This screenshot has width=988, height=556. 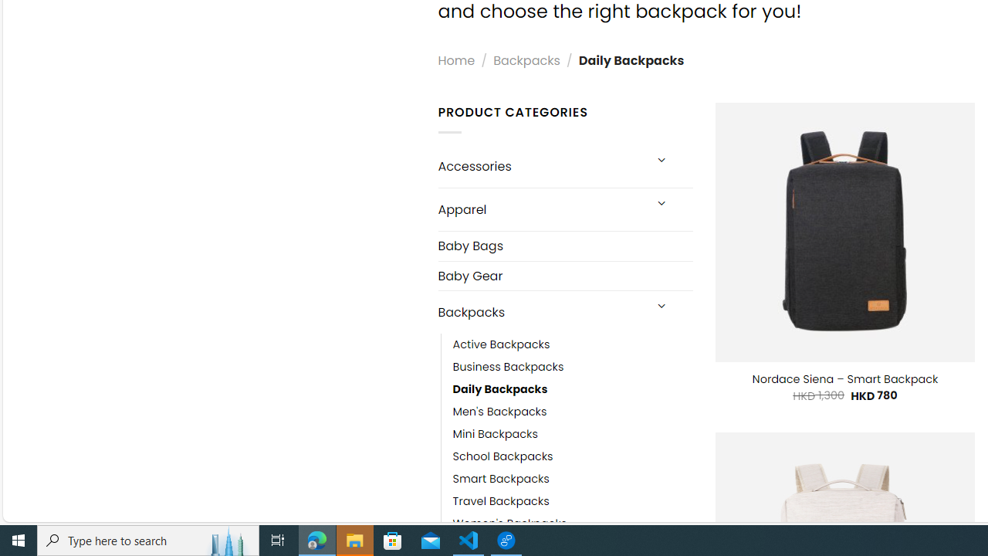 What do you see at coordinates (564, 245) in the screenshot?
I see `'Baby Bags'` at bounding box center [564, 245].